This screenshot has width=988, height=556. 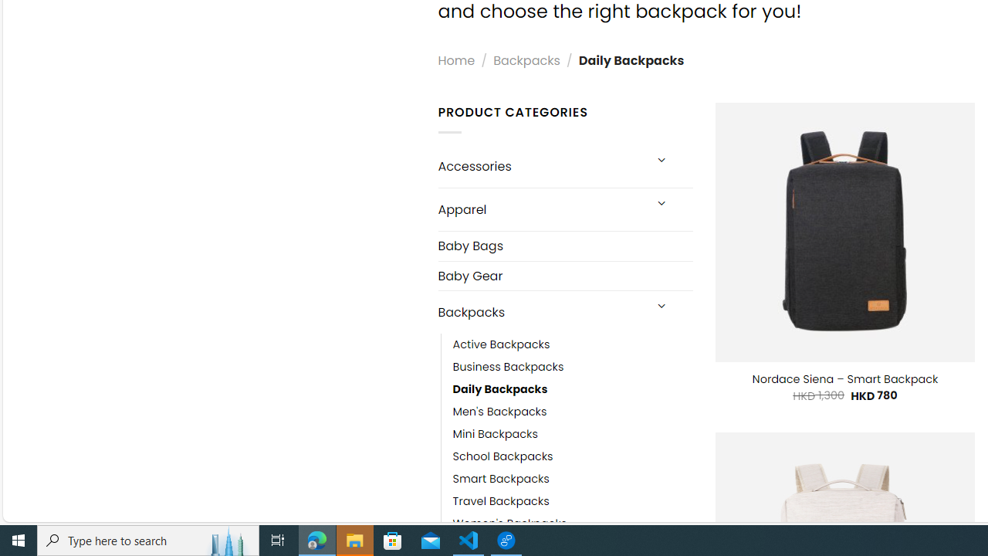 What do you see at coordinates (564, 245) in the screenshot?
I see `'Baby Bags'` at bounding box center [564, 245].